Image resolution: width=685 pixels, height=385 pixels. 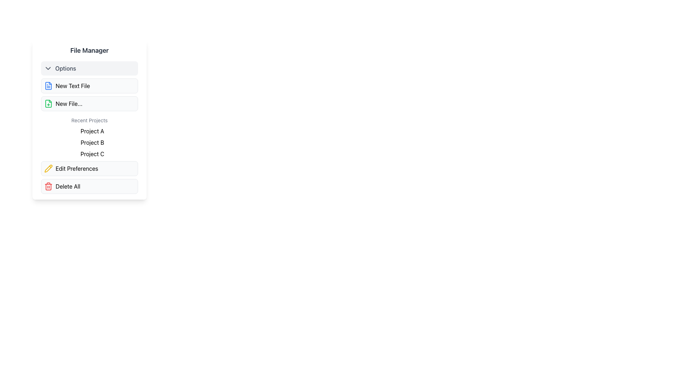 I want to click on the small black downward-pointing chevron icon next to the 'Options' label in the first entry of the vertical menu list, so click(x=47, y=68).